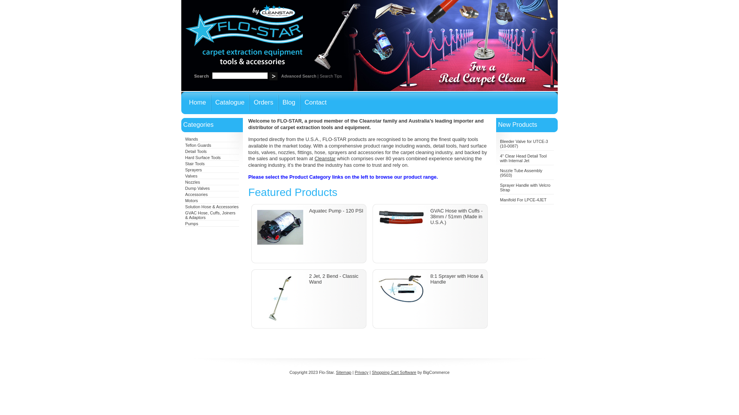  I want to click on 'Dump Valves', so click(197, 188).